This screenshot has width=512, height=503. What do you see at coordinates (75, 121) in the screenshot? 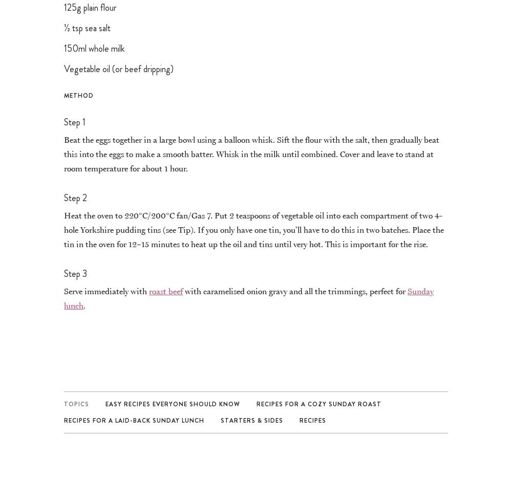
I see `'Step 1'` at bounding box center [75, 121].